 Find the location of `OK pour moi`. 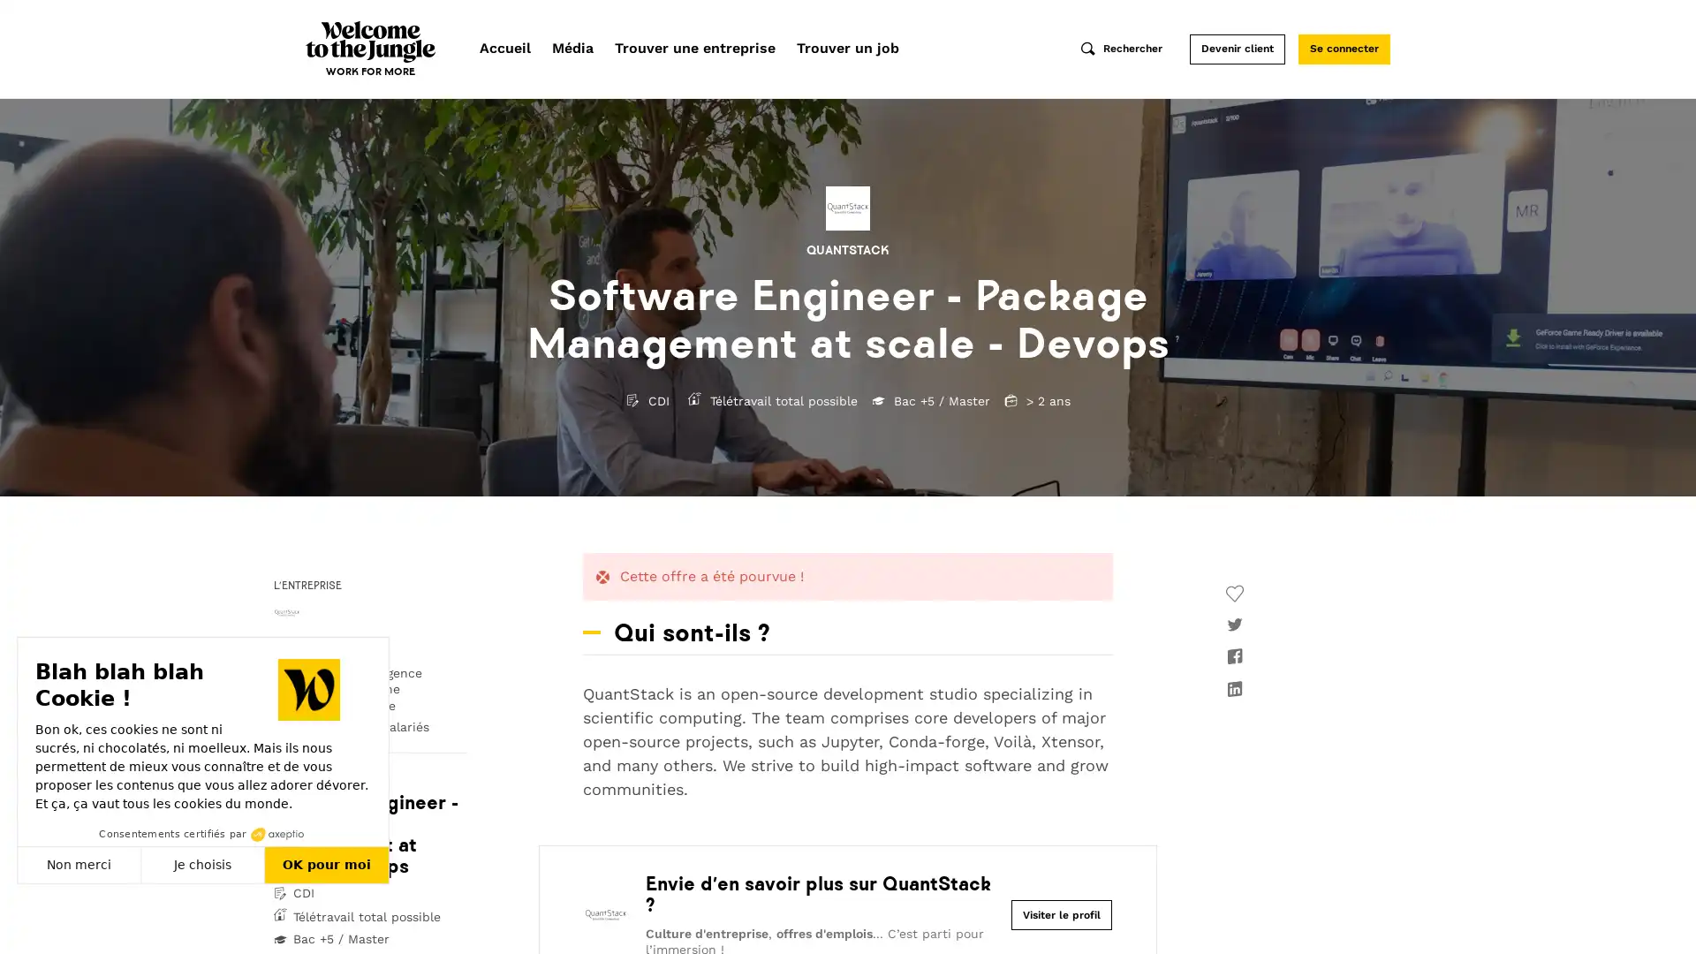

OK pour moi is located at coordinates (326, 864).